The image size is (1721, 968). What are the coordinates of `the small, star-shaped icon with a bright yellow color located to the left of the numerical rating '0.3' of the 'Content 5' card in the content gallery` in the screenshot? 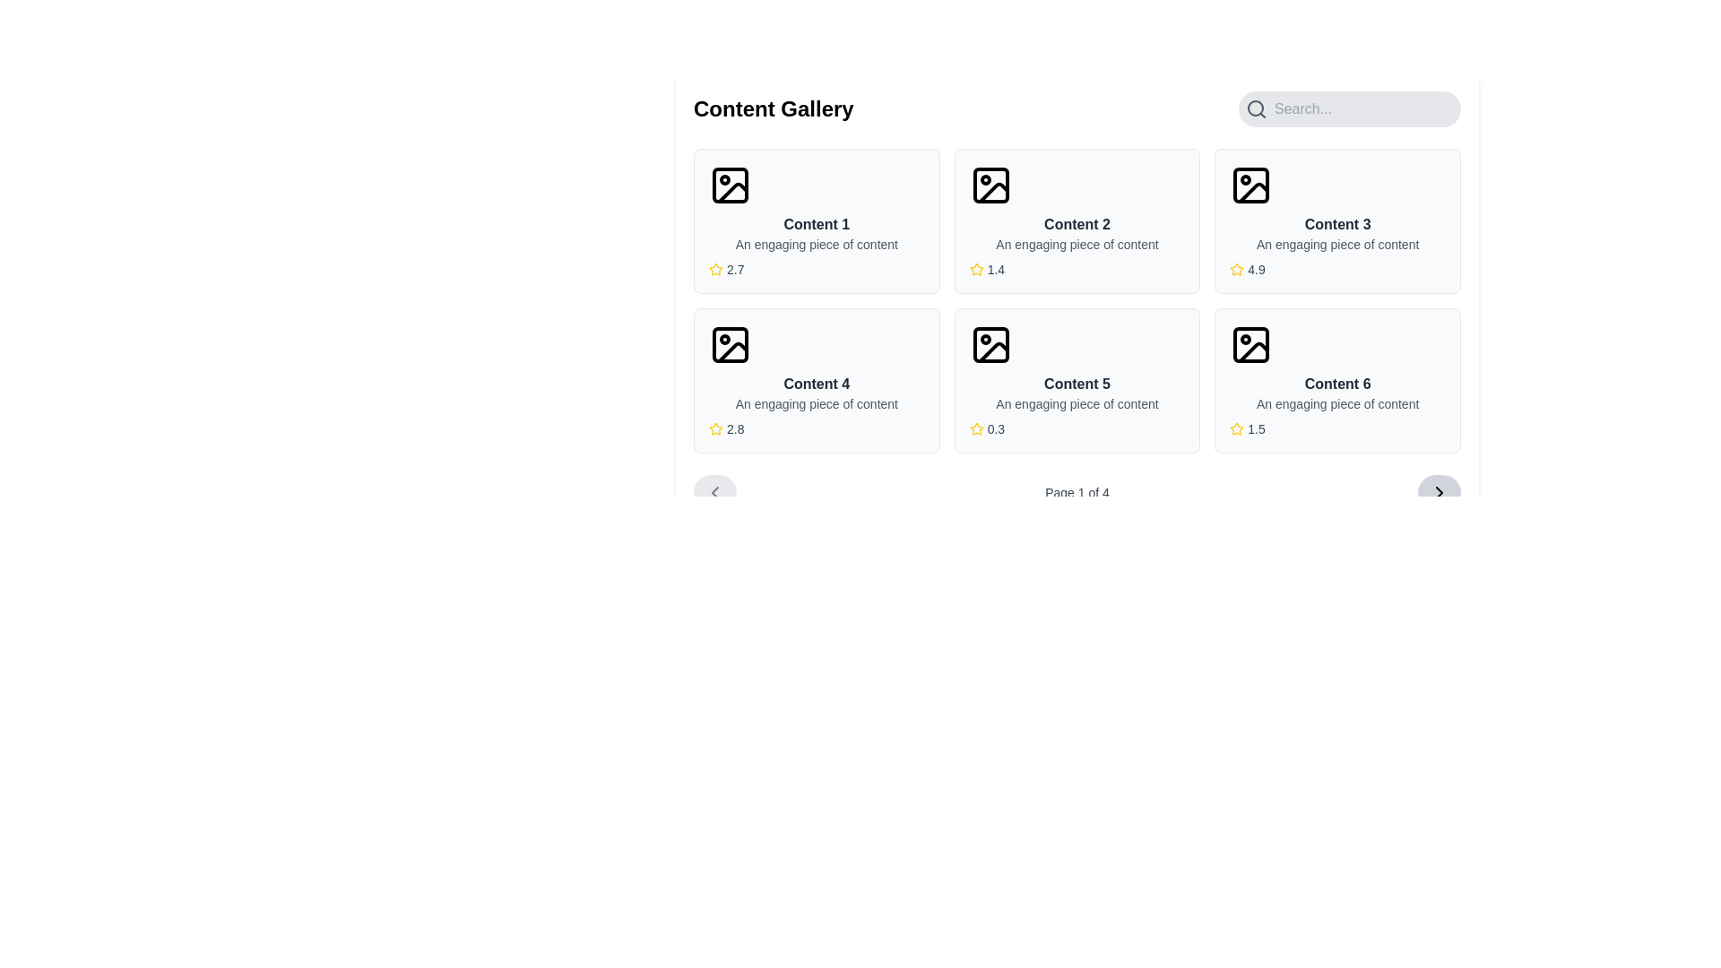 It's located at (975, 428).